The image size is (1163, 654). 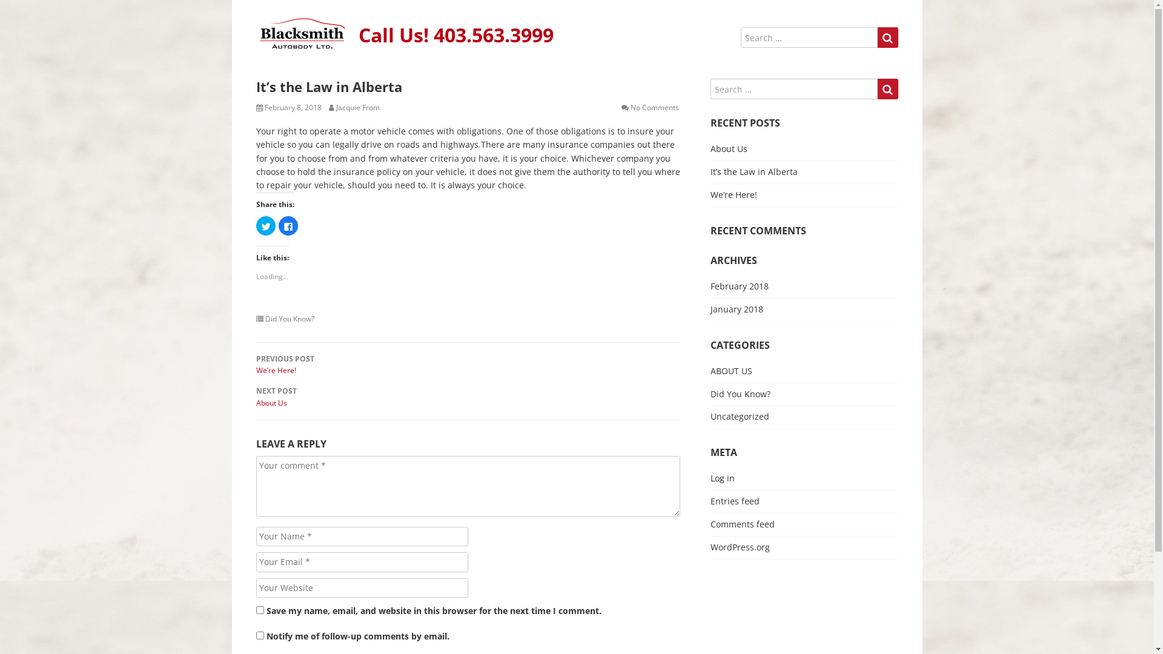 What do you see at coordinates (263, 107) in the screenshot?
I see `'February 8, 2018'` at bounding box center [263, 107].